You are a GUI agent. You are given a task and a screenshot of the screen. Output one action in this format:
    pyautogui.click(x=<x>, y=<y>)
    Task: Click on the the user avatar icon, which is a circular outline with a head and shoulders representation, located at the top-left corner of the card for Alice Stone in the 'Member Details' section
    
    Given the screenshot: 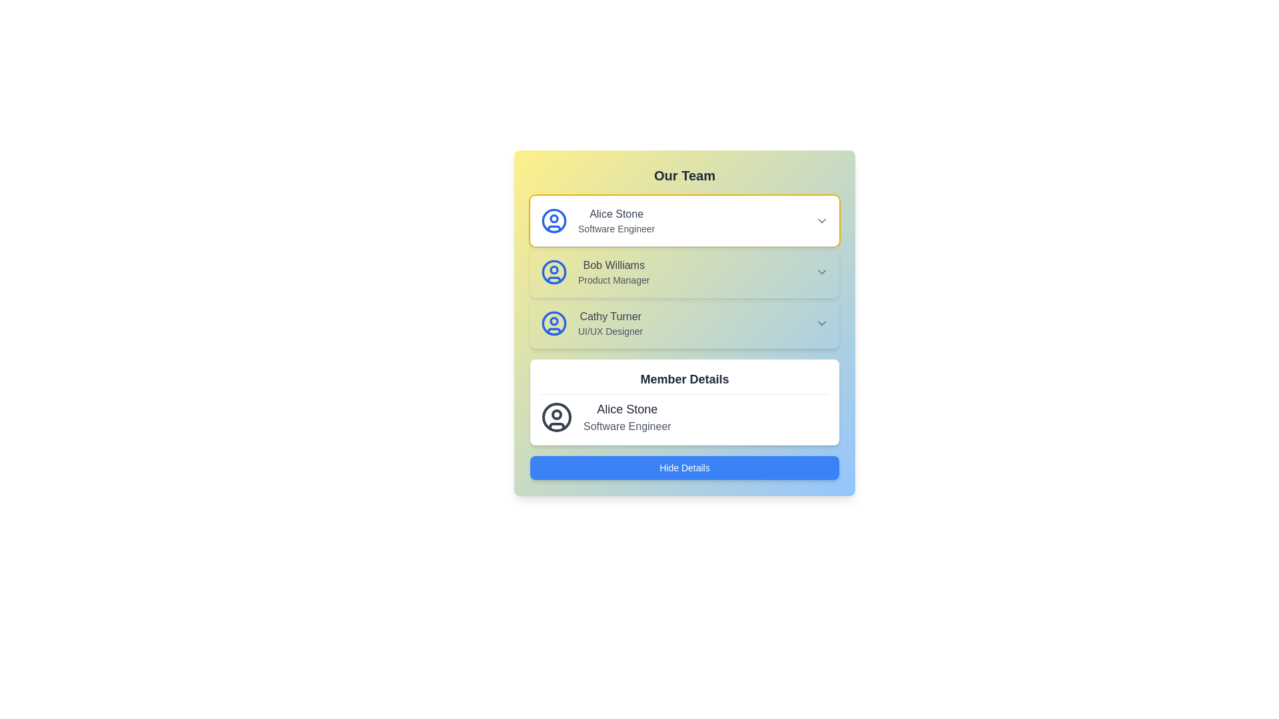 What is the action you would take?
    pyautogui.click(x=556, y=417)
    